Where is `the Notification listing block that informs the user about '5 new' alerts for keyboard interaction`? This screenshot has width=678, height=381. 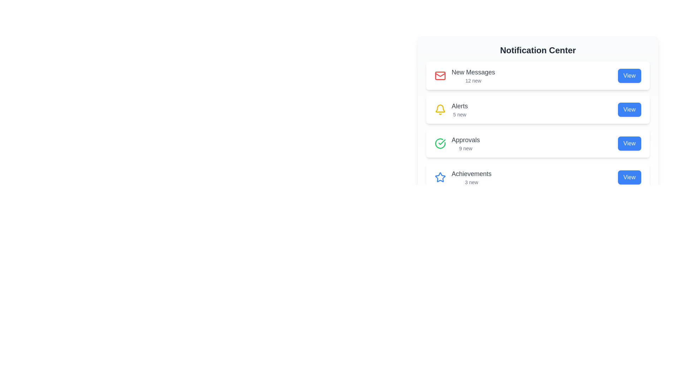
the Notification listing block that informs the user about '5 new' alerts for keyboard interaction is located at coordinates (537, 106).